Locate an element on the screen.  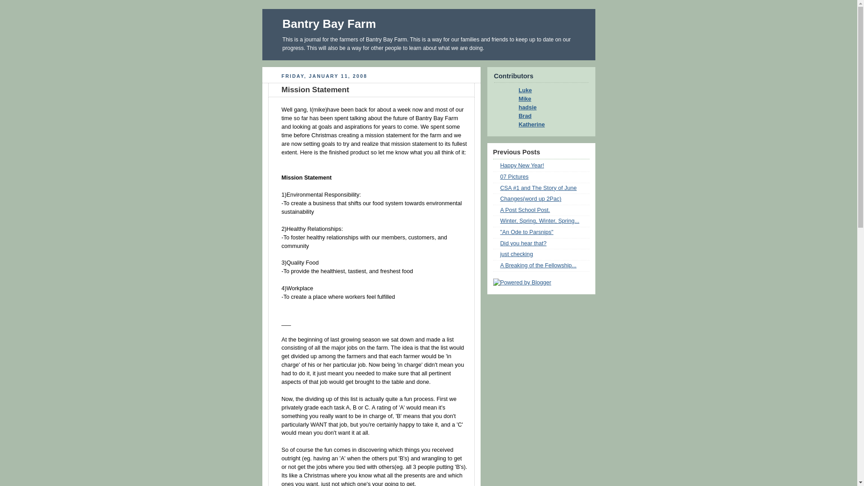
'A Breaking of the Fellowship...' is located at coordinates (538, 265).